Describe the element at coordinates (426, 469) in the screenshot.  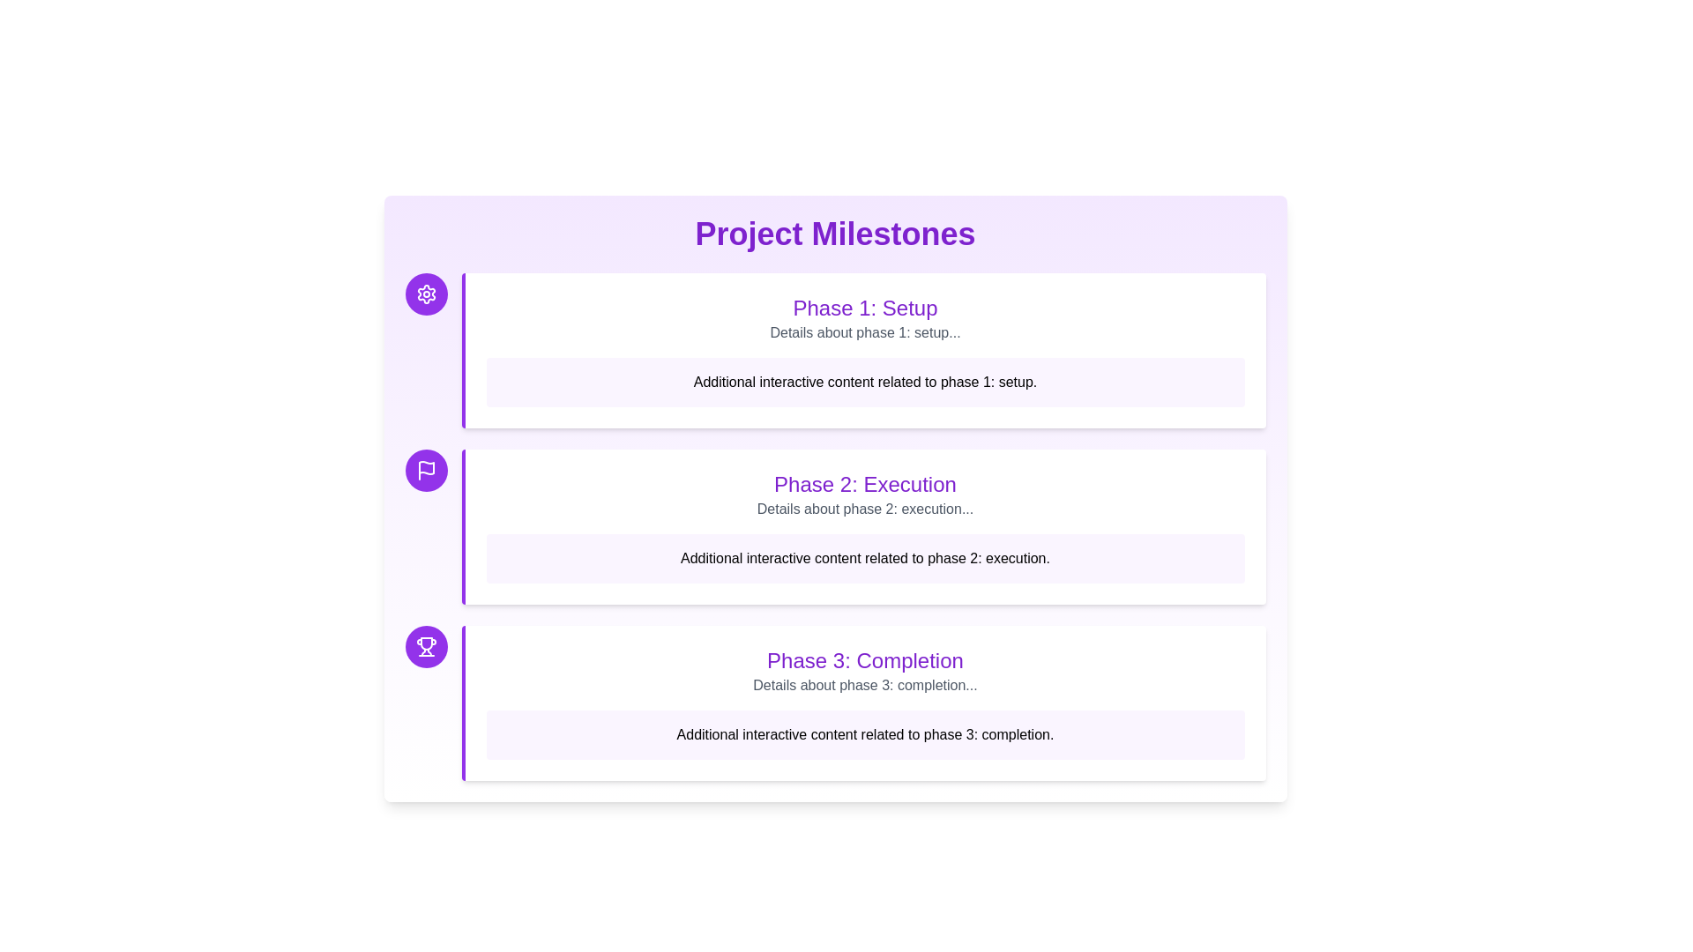
I see `the phase indicator icon button` at that location.